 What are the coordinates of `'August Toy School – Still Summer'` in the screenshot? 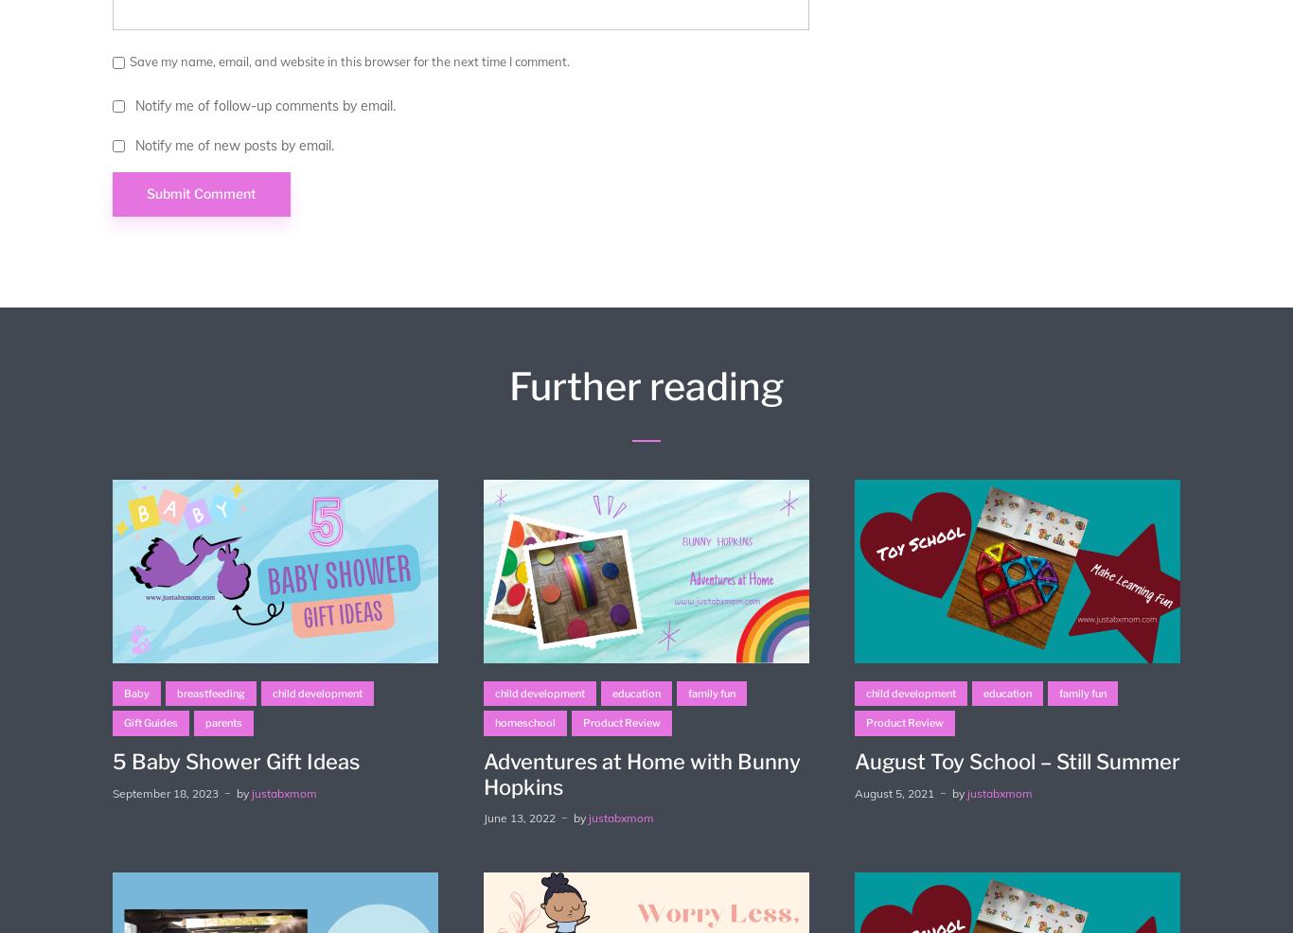 It's located at (1015, 761).